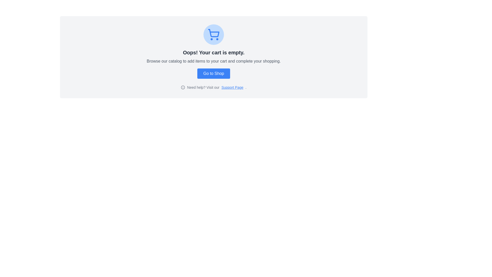 The height and width of the screenshot is (277, 492). I want to click on the information indicator icon located at the bottom of the displayed card, adjacent to the text 'Need help? Visit our Support Page.', so click(183, 87).